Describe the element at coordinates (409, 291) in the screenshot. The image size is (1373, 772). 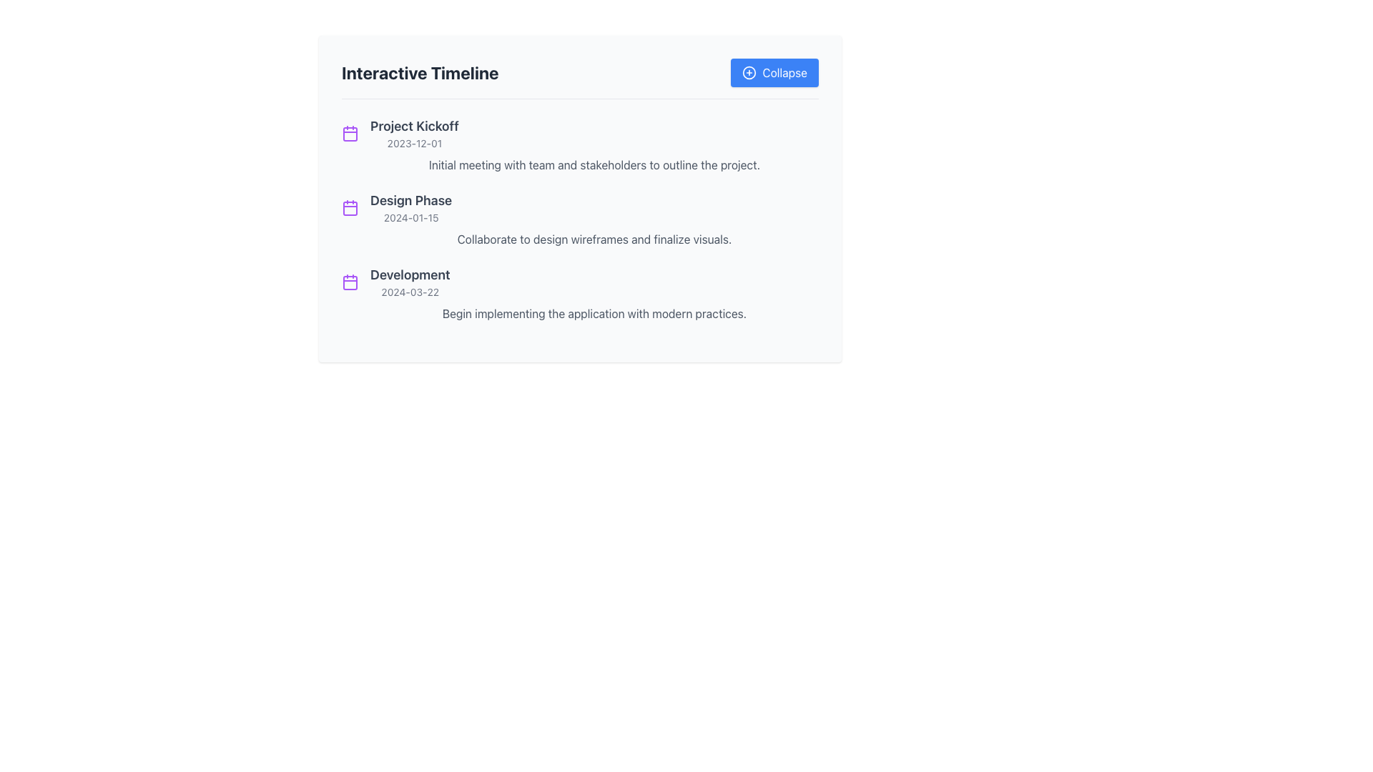
I see `the text label displaying '2024-03-22' located beneath the title 'Development' in a timeline display` at that location.